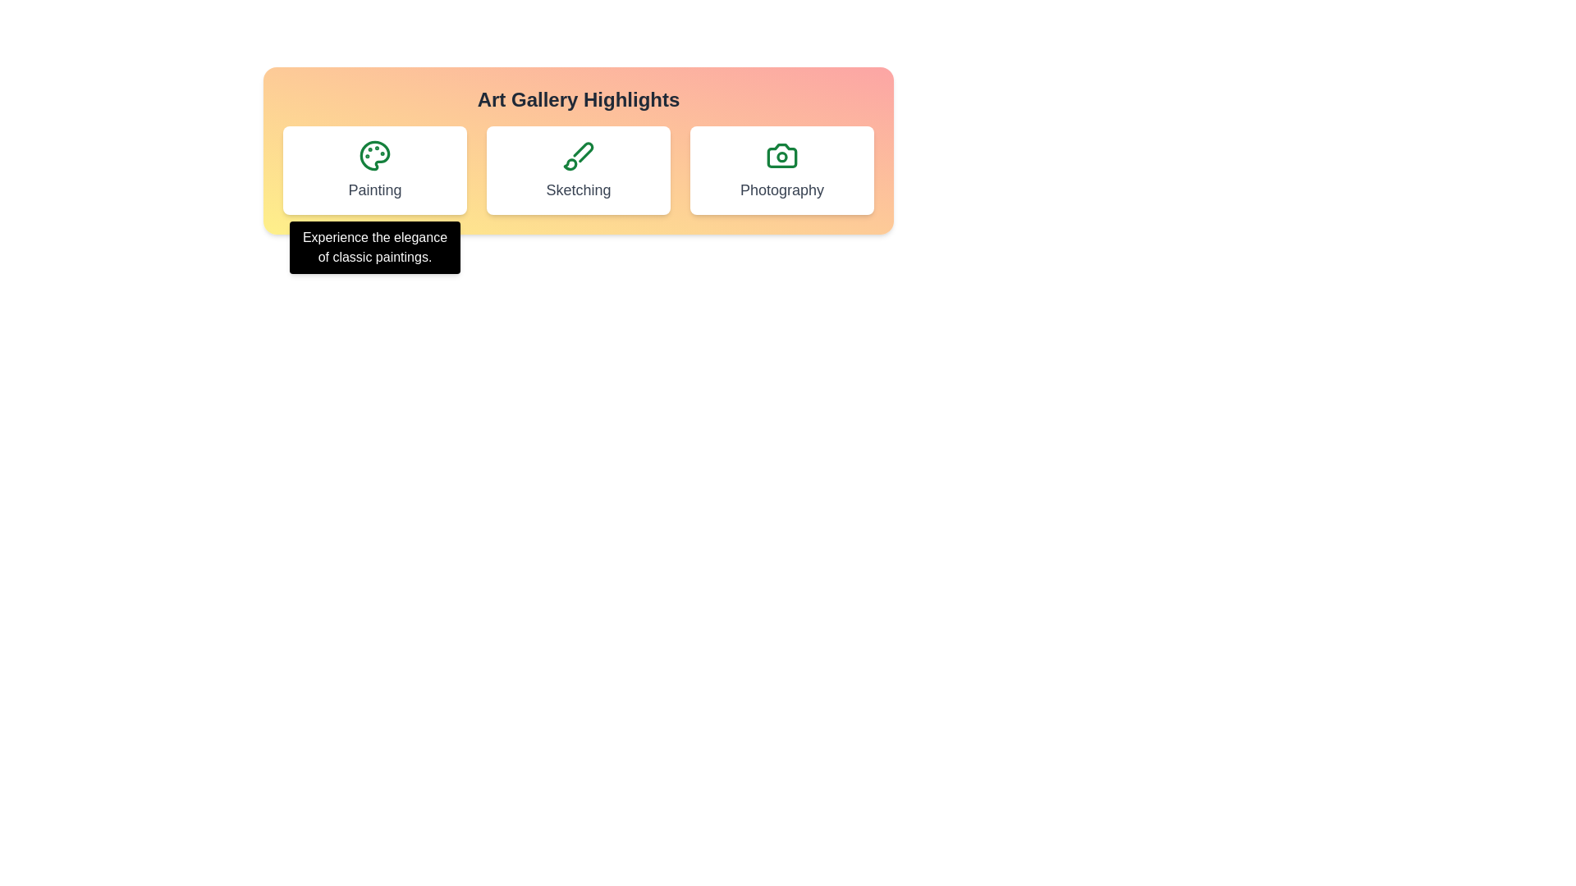 Image resolution: width=1576 pixels, height=886 pixels. I want to click on the painter's palette icon in the painting section, which is the leftmost option among the three categories under 'Art Gallery Highlights', so click(373, 155).